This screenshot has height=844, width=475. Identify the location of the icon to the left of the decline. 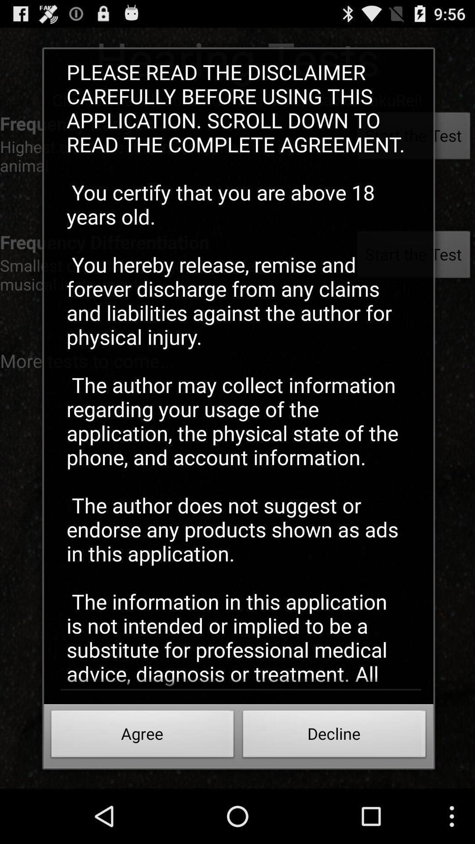
(142, 736).